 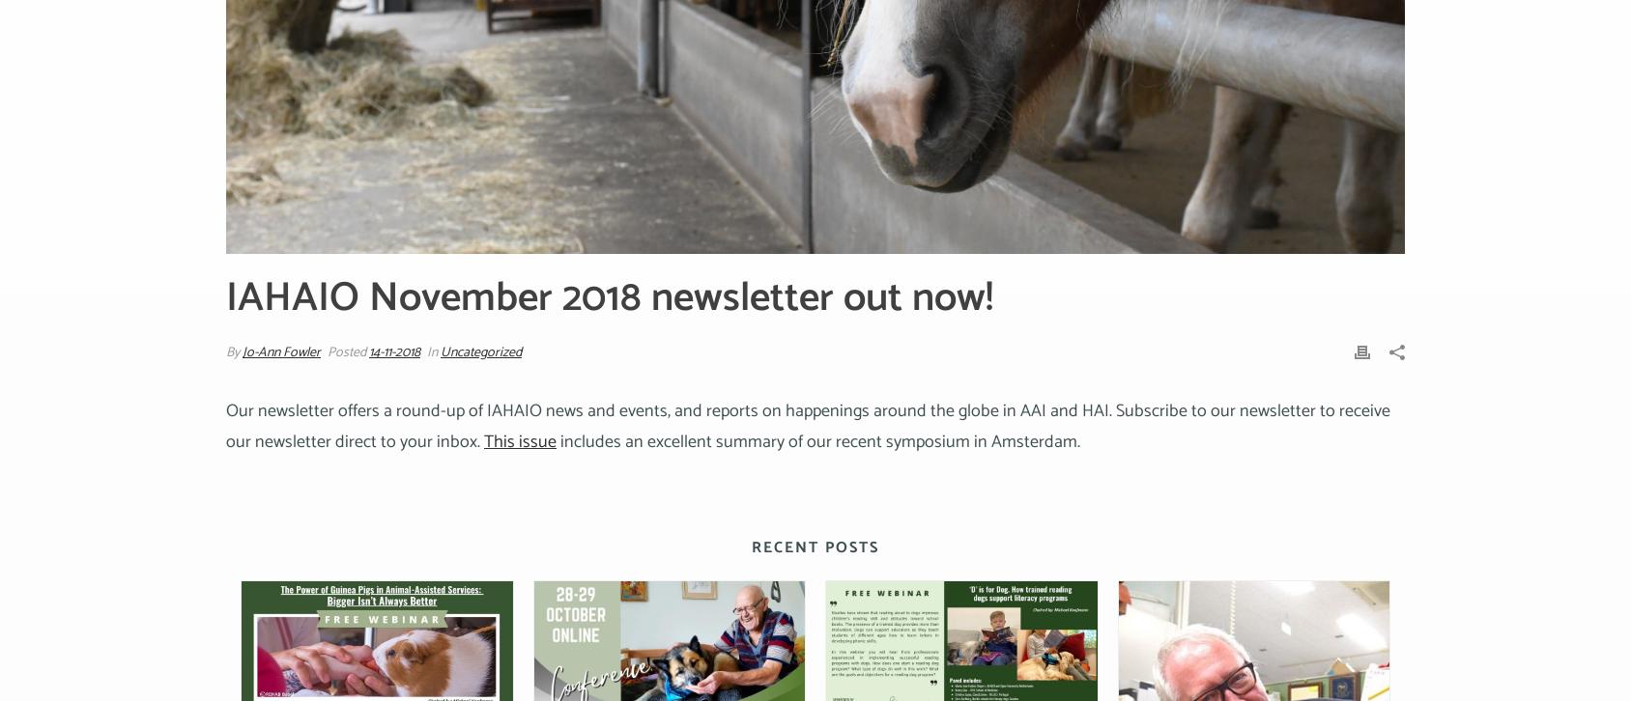 I want to click on 'By', so click(x=233, y=352).